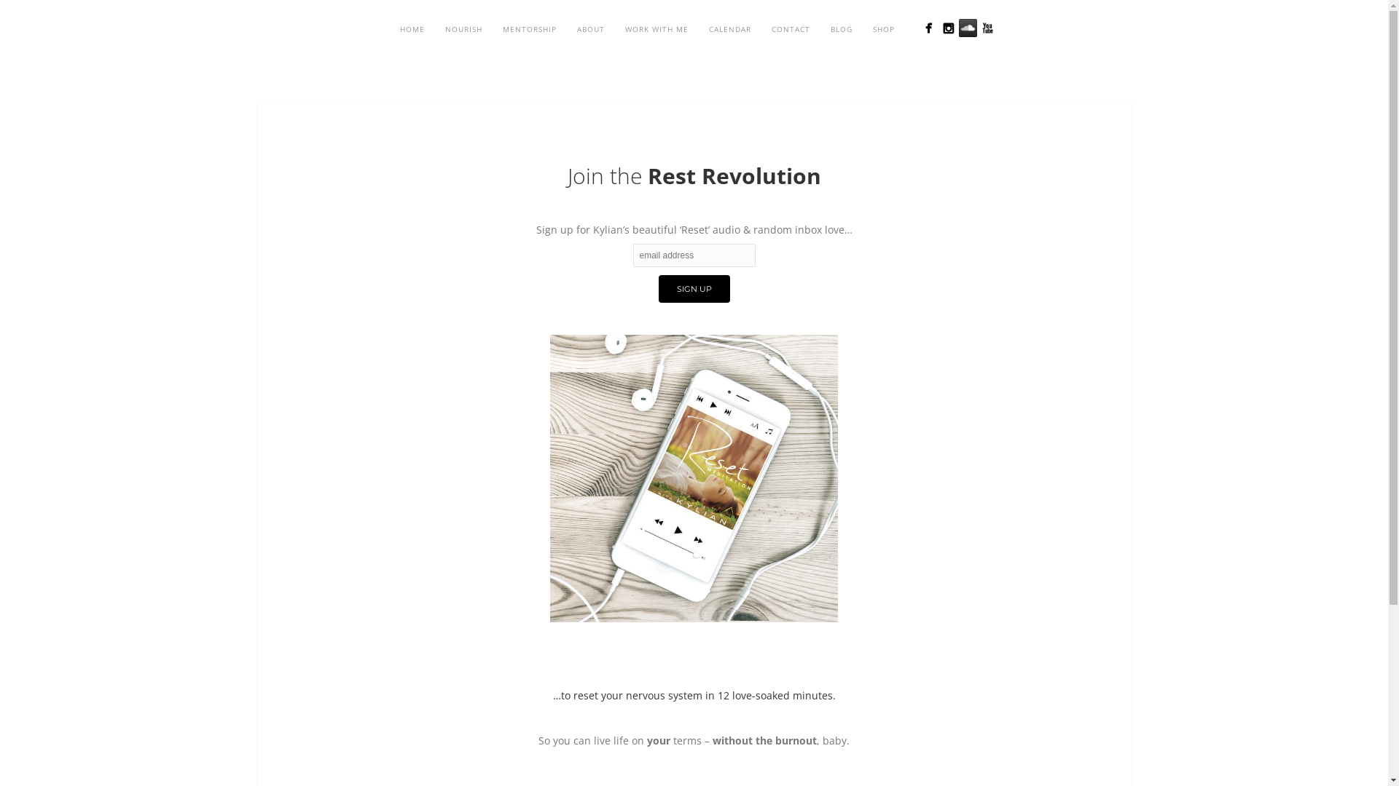 The height and width of the screenshot is (786, 1399). What do you see at coordinates (615, 29) in the screenshot?
I see `'WORK WITH ME'` at bounding box center [615, 29].